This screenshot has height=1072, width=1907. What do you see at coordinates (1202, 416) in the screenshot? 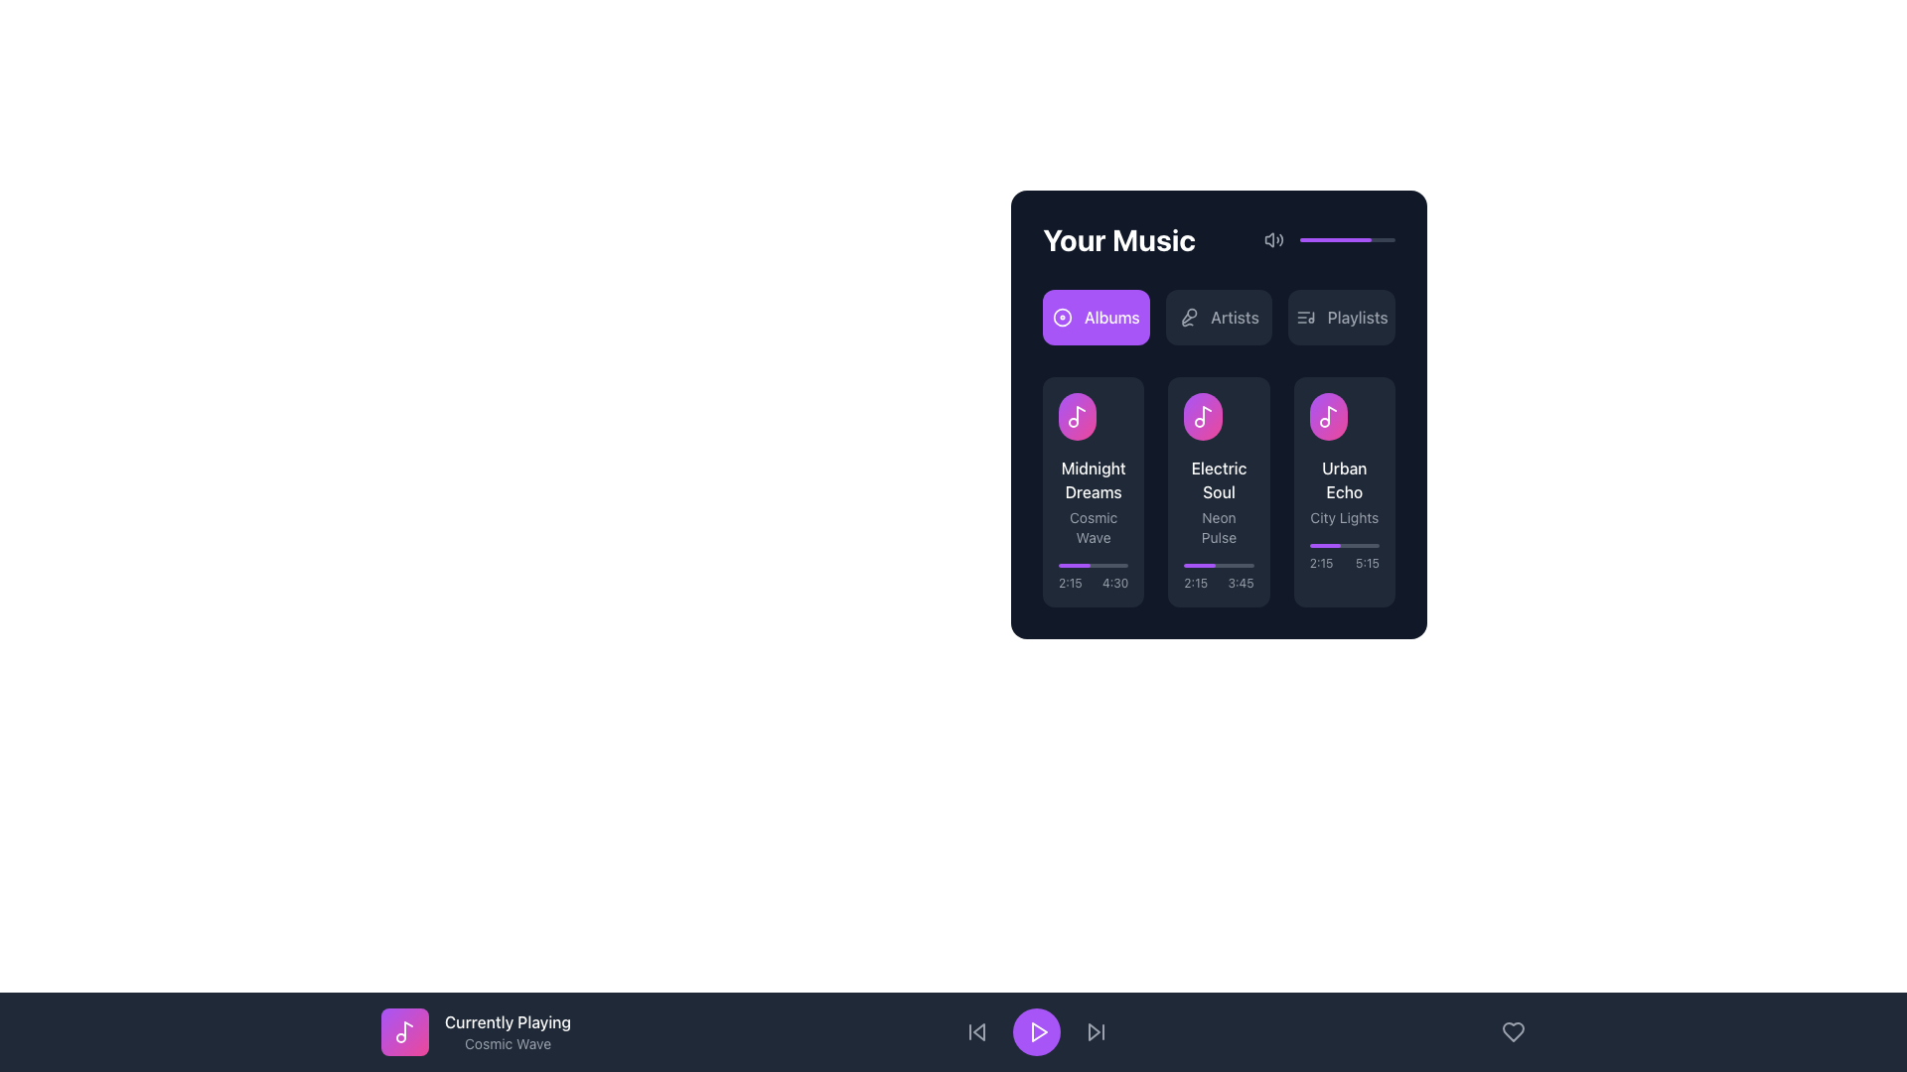
I see `the musical note icon with a white stroke located in the center of the 'Electric Soul' card in the 'Your Music' section` at bounding box center [1202, 416].